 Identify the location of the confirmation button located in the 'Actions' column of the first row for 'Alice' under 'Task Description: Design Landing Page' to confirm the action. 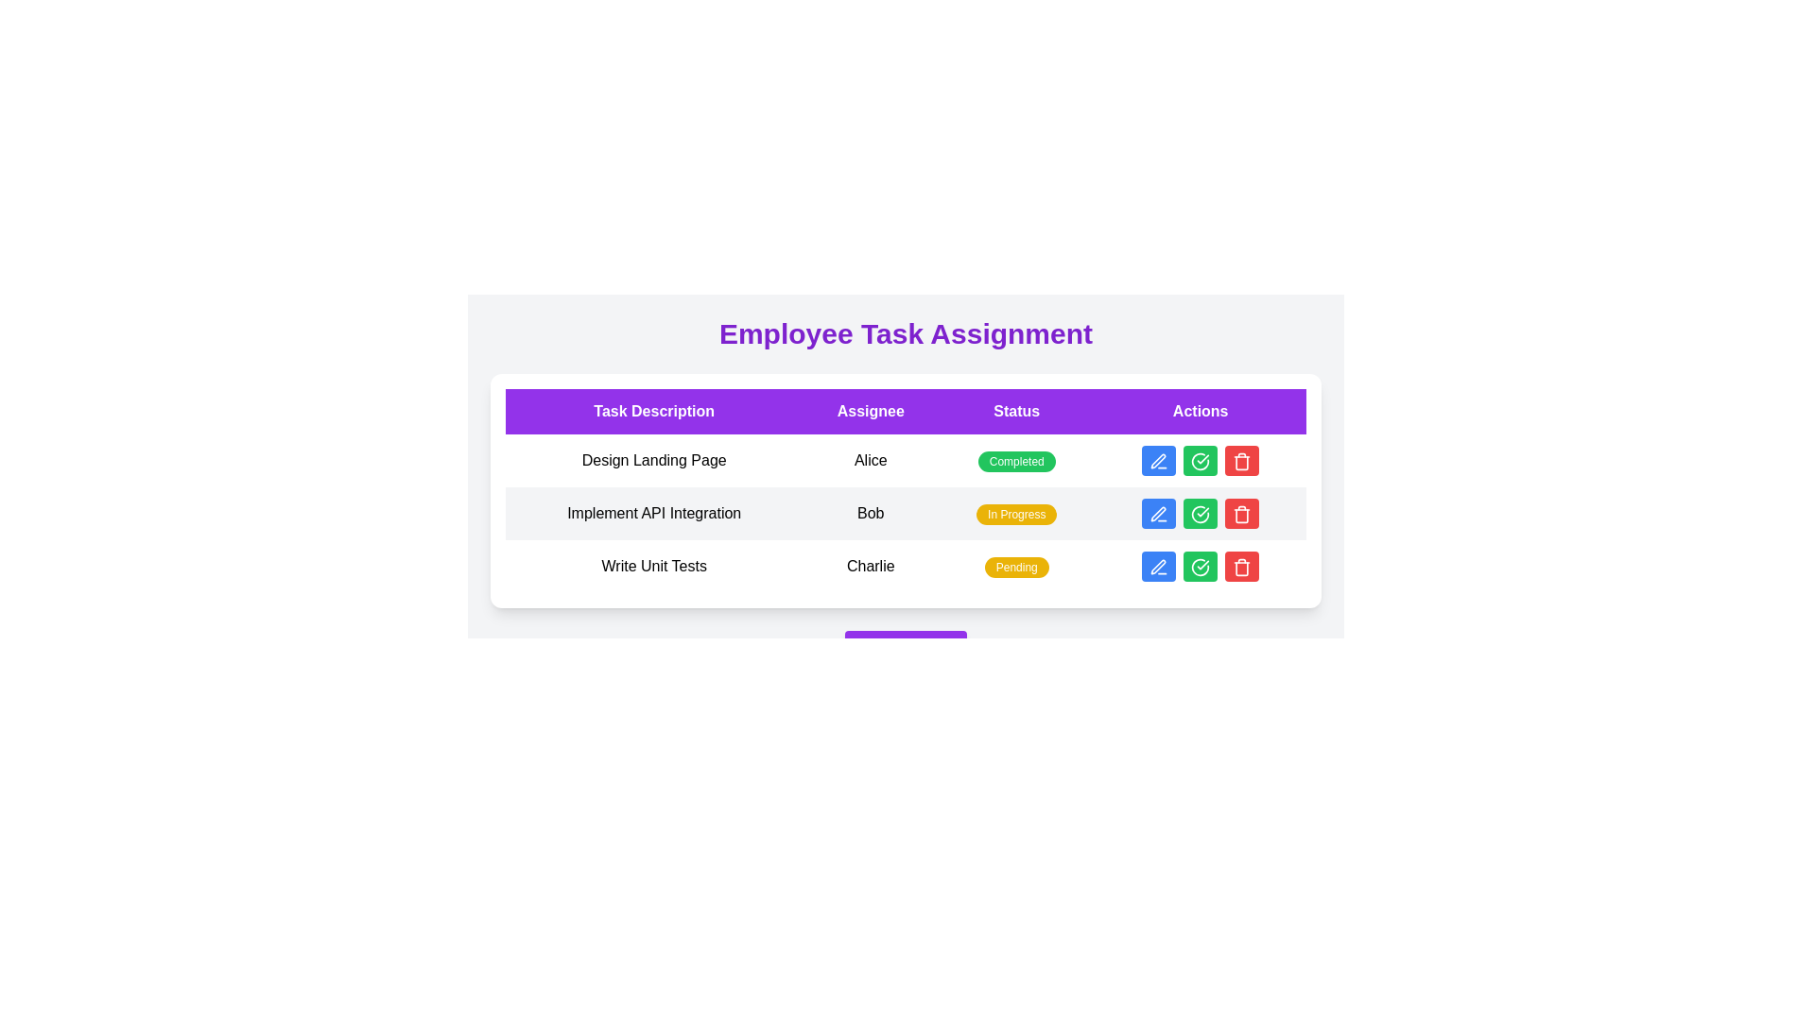
(1200, 461).